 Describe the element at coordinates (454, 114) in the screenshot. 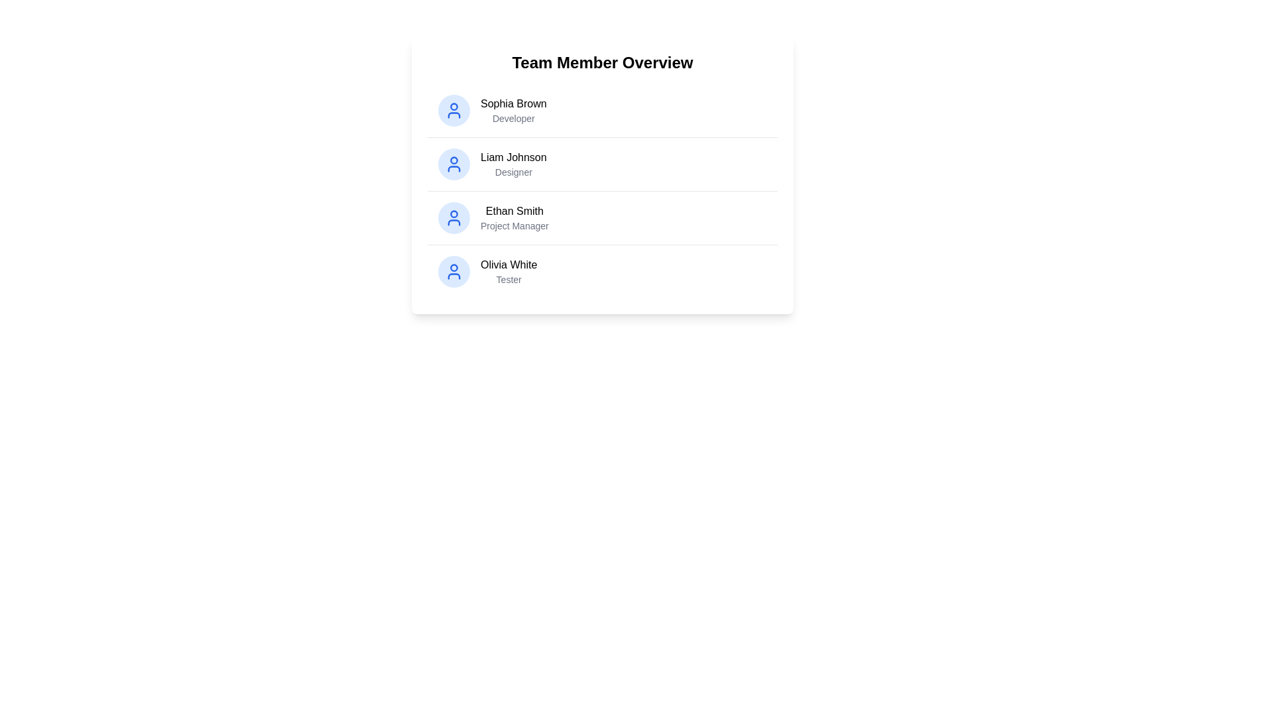

I see `the user entry containing the lower portion of the user avatar icon for Sophie Brown, located in the team member overview section` at that location.